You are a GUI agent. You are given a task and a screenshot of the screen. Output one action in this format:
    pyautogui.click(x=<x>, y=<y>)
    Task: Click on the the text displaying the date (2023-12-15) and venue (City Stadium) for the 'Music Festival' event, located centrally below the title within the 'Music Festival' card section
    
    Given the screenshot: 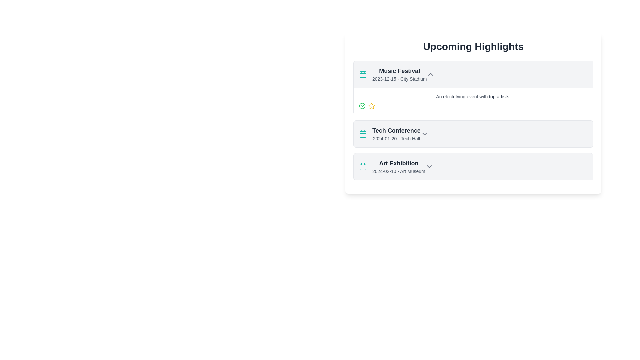 What is the action you would take?
    pyautogui.click(x=399, y=78)
    